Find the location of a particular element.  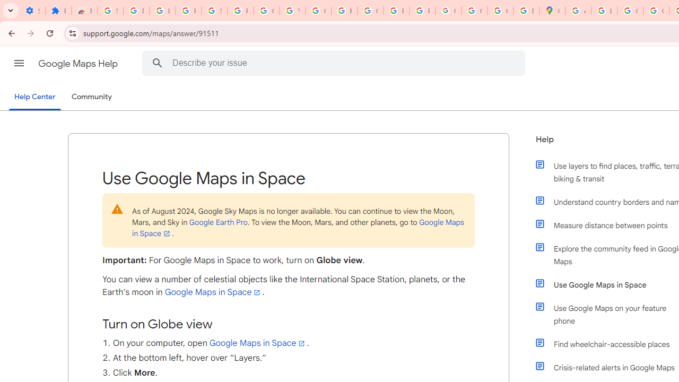

'Help Center' is located at coordinates (34, 97).